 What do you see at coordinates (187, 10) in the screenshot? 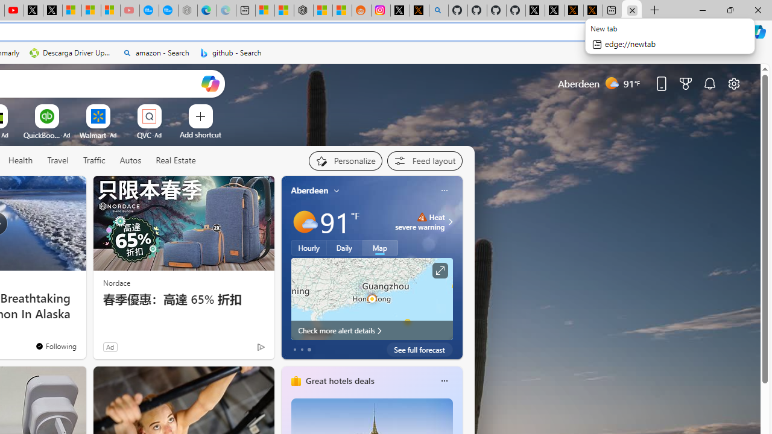
I see `'Nordace - Nordace has arrived Hong Kong - Sleeping'` at bounding box center [187, 10].